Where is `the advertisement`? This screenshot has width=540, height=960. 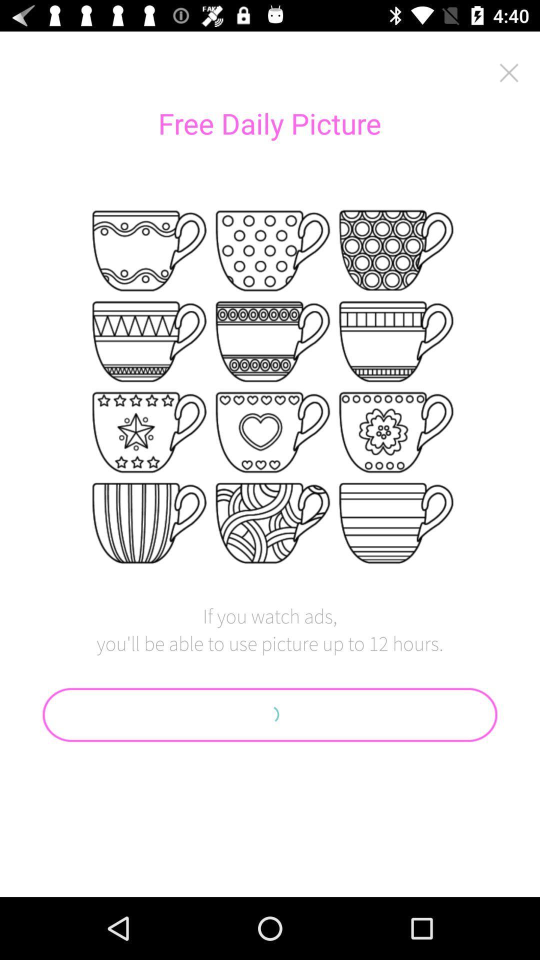
the advertisement is located at coordinates (509, 72).